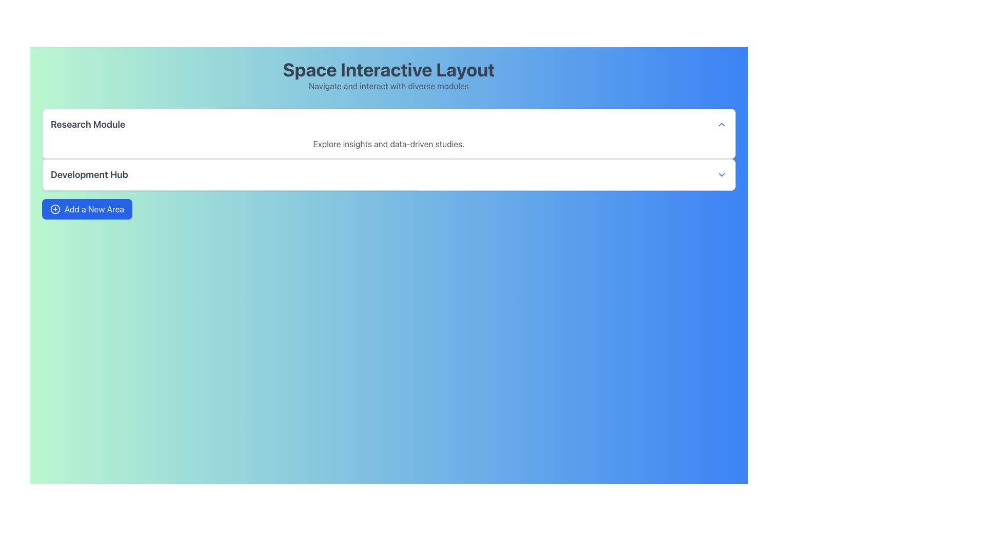  What do you see at coordinates (388, 69) in the screenshot?
I see `the title text element that serves as the main heading for the page, which is horizontally centered and positioned above the subtitle` at bounding box center [388, 69].